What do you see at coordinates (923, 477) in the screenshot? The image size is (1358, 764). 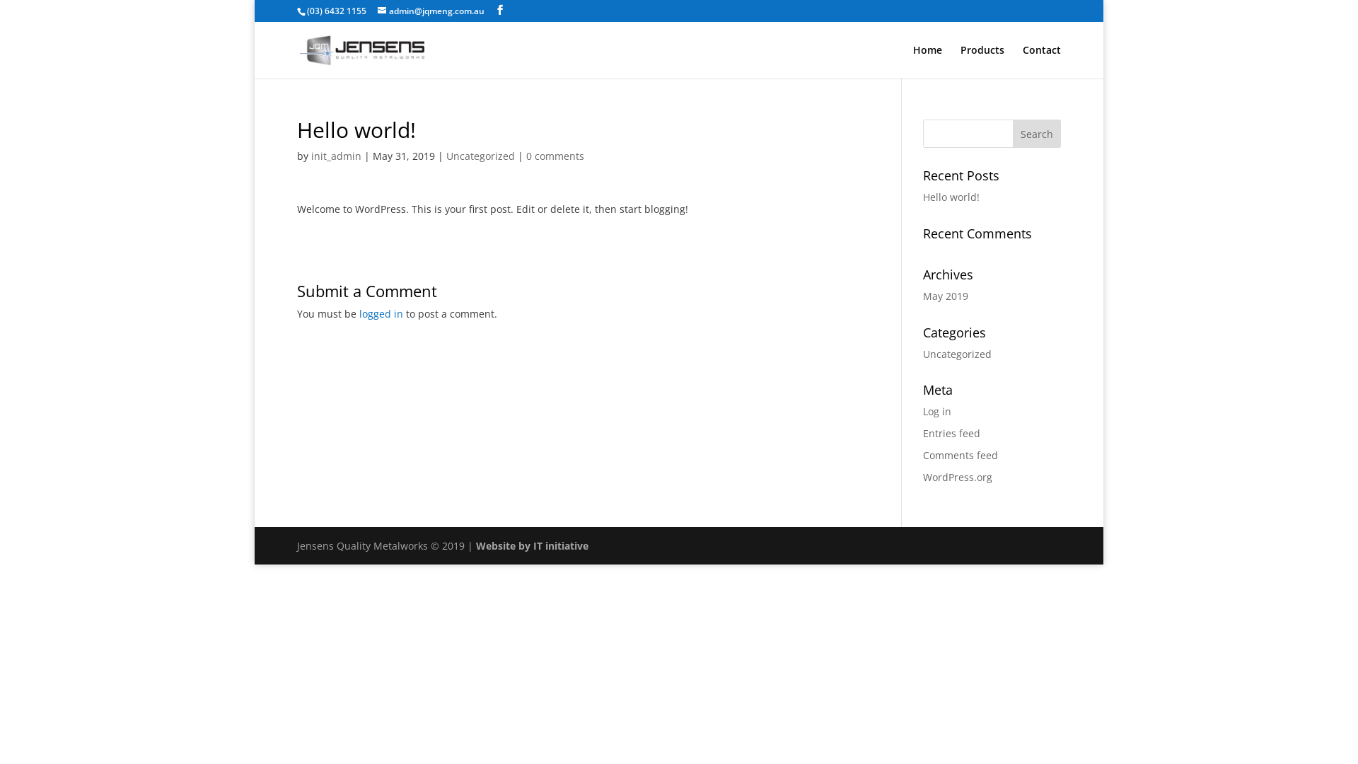 I see `'WordPress.org'` at bounding box center [923, 477].